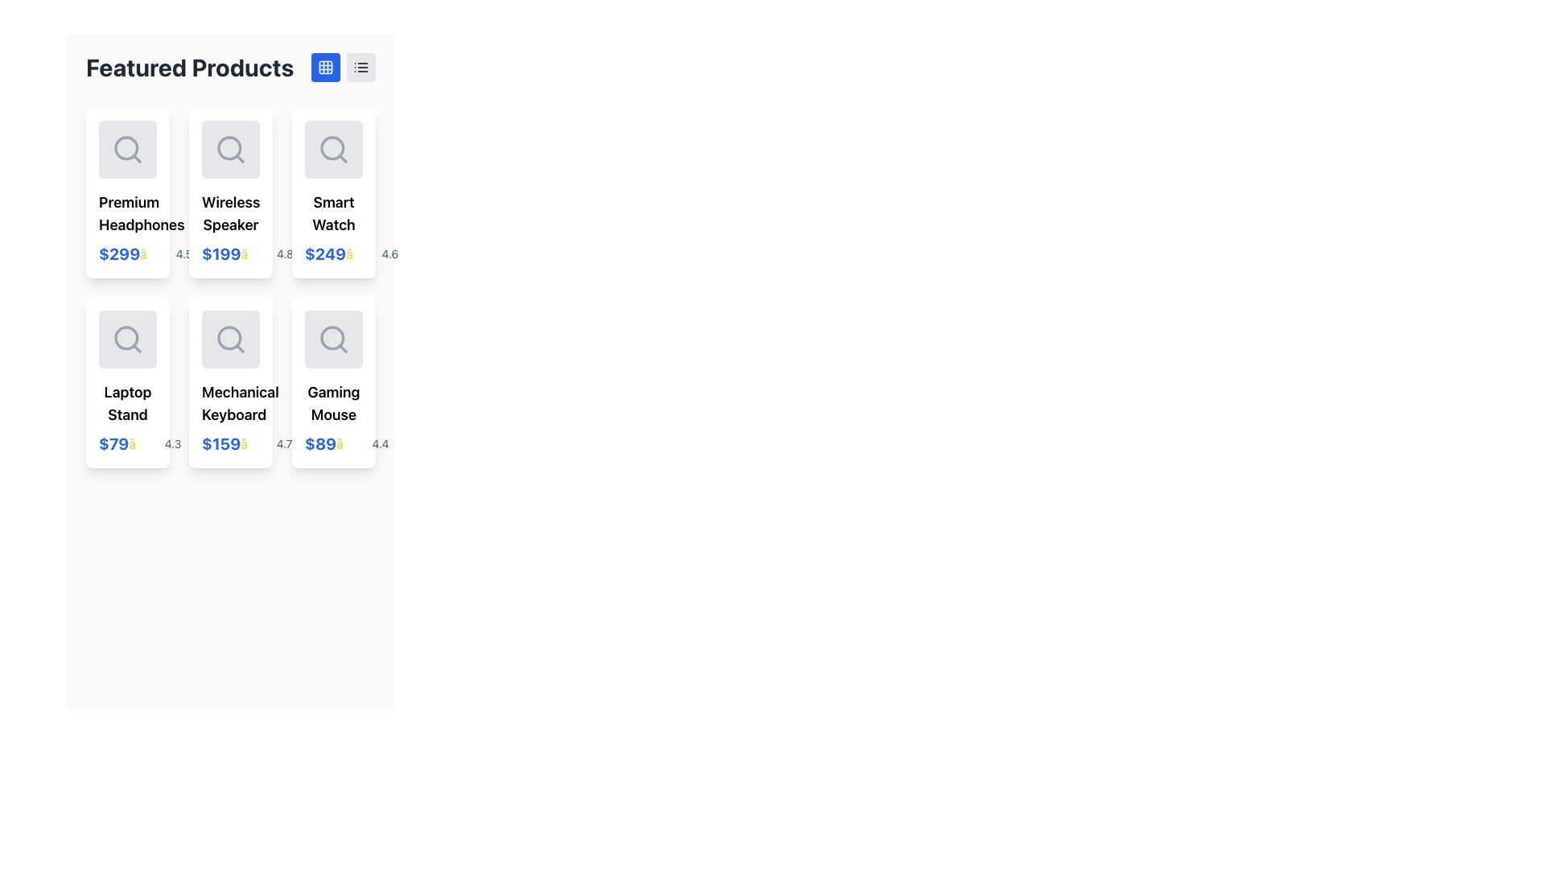  Describe the element at coordinates (380, 443) in the screenshot. I see `the text display showing the numerical rating (4.4) of the 'Gaming Mouse' product, located in the lower right corner of the product card` at that location.